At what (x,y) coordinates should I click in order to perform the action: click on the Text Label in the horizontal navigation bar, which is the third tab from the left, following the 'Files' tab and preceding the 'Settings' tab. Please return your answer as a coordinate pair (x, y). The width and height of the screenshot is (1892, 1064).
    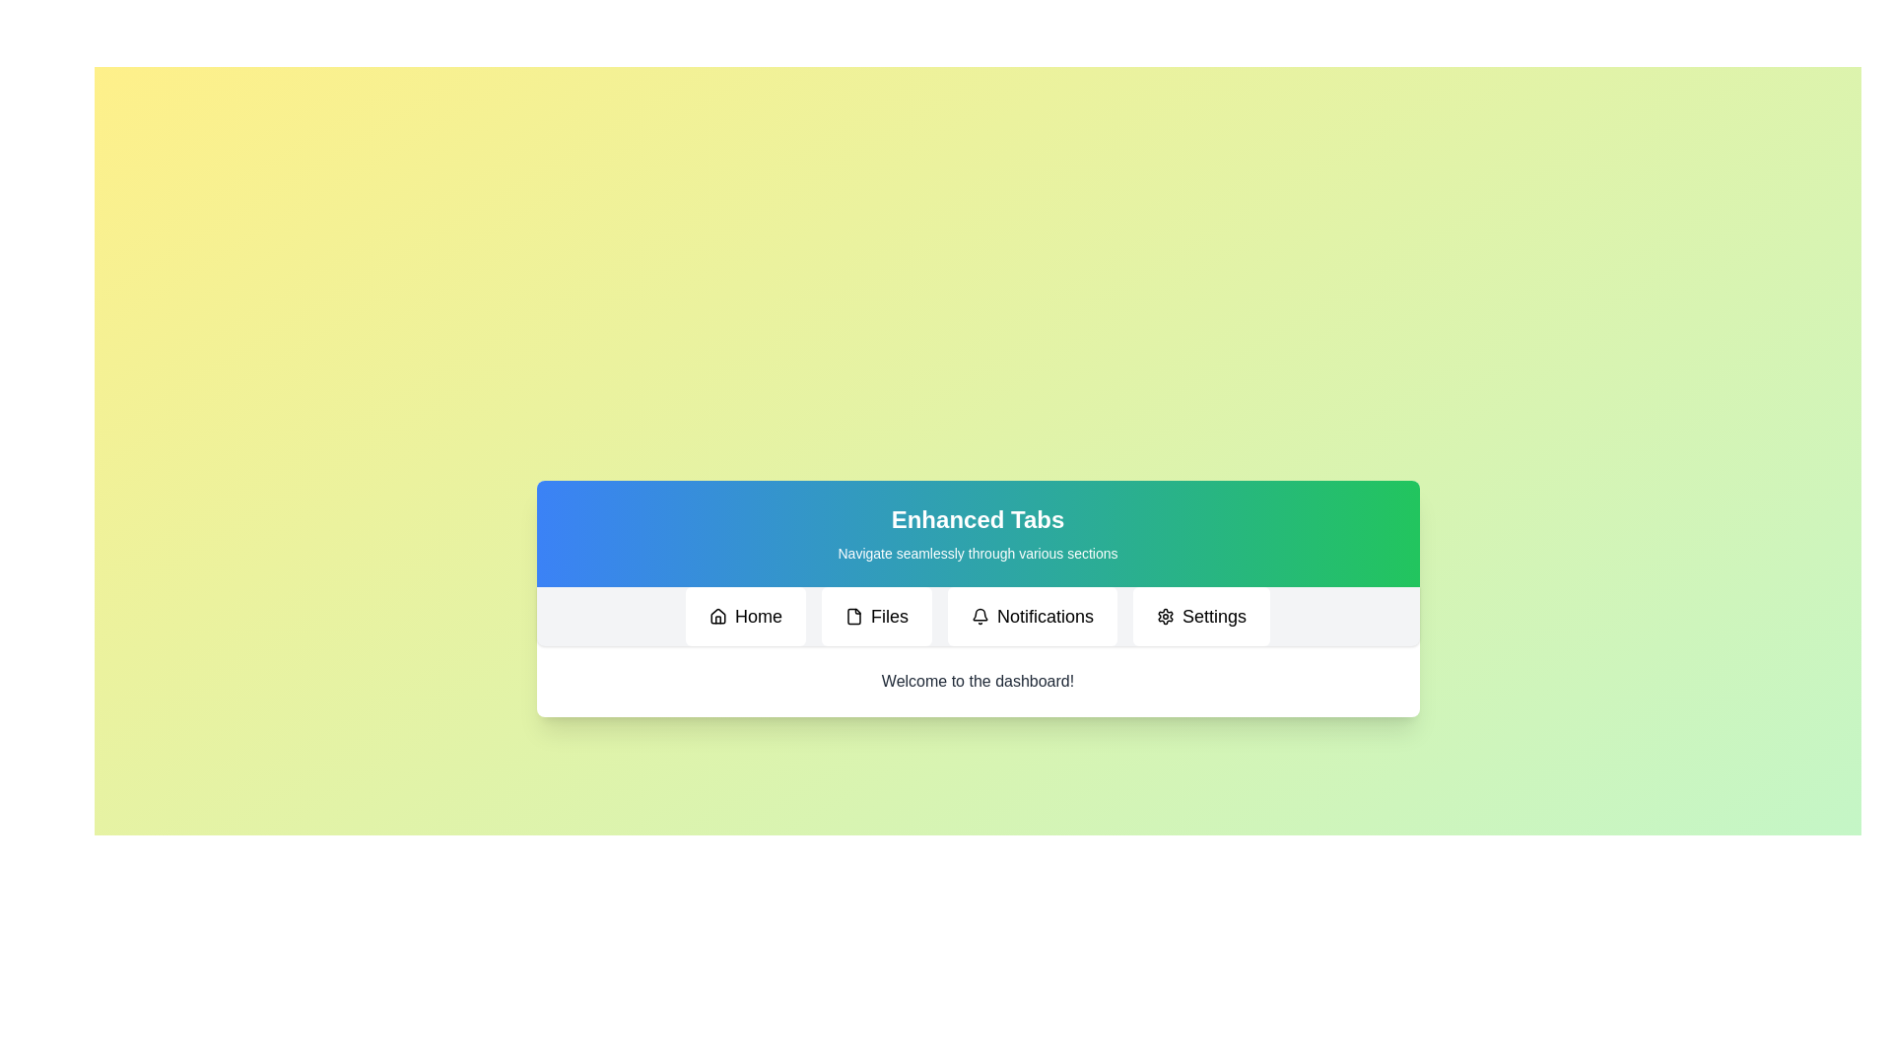
    Looking at the image, I should click on (1044, 615).